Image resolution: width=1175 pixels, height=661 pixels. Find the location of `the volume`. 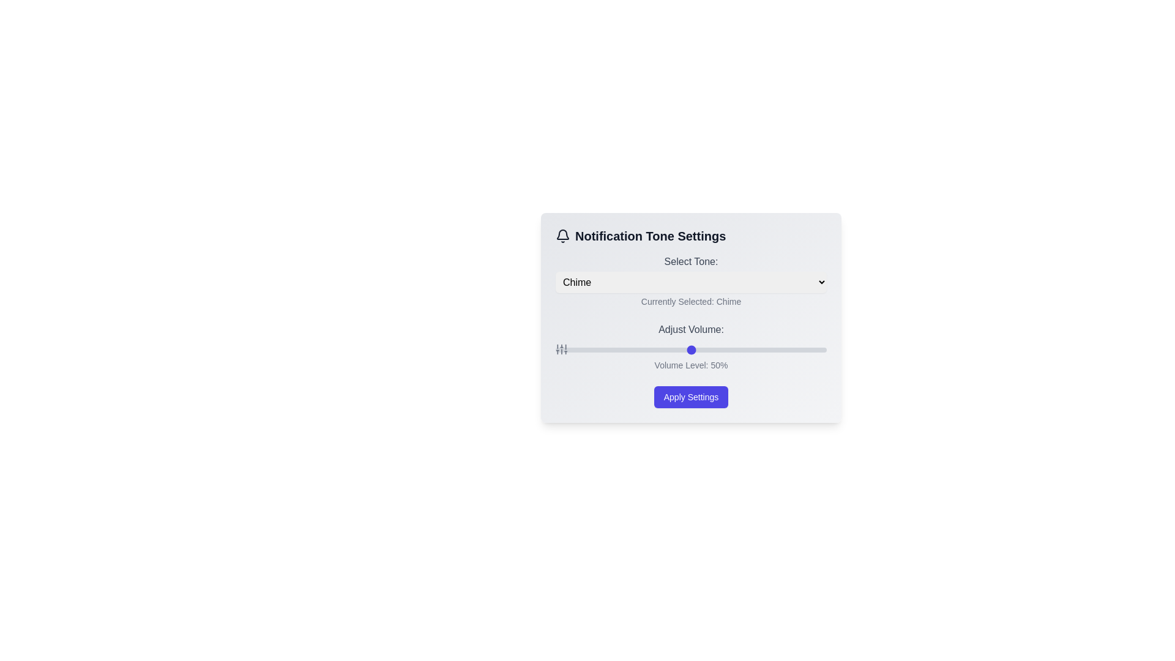

the volume is located at coordinates (636, 349).